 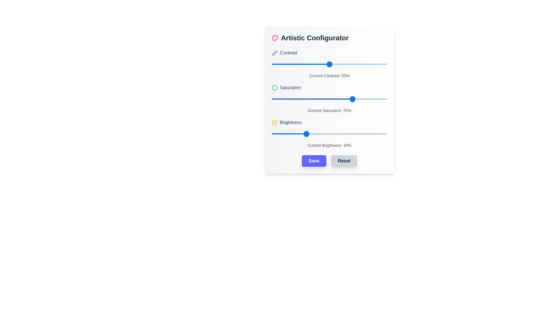 I want to click on the brightness slider control, which has a blue track and a thumb positioned at 30% intensity, to set the brightness, so click(x=330, y=133).